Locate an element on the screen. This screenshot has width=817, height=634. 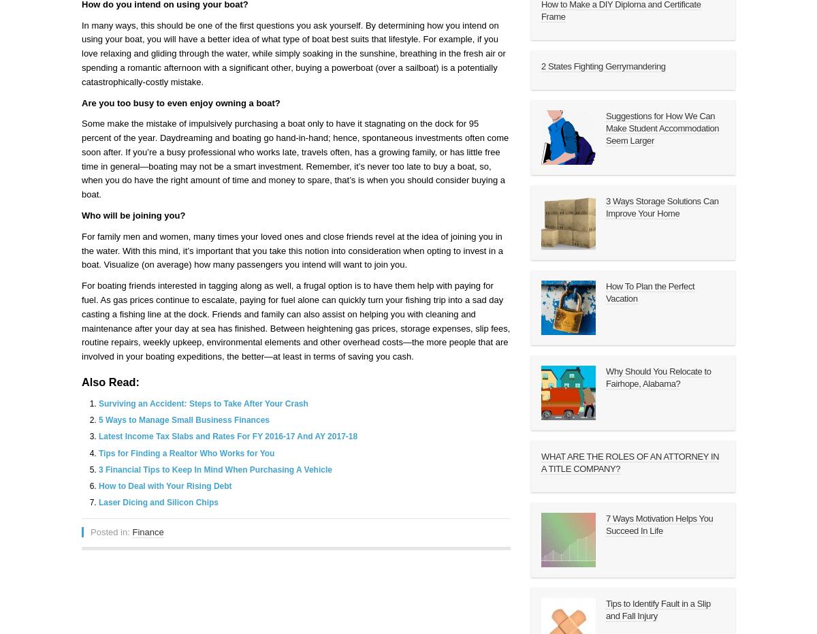
'Finance' is located at coordinates (146, 532).